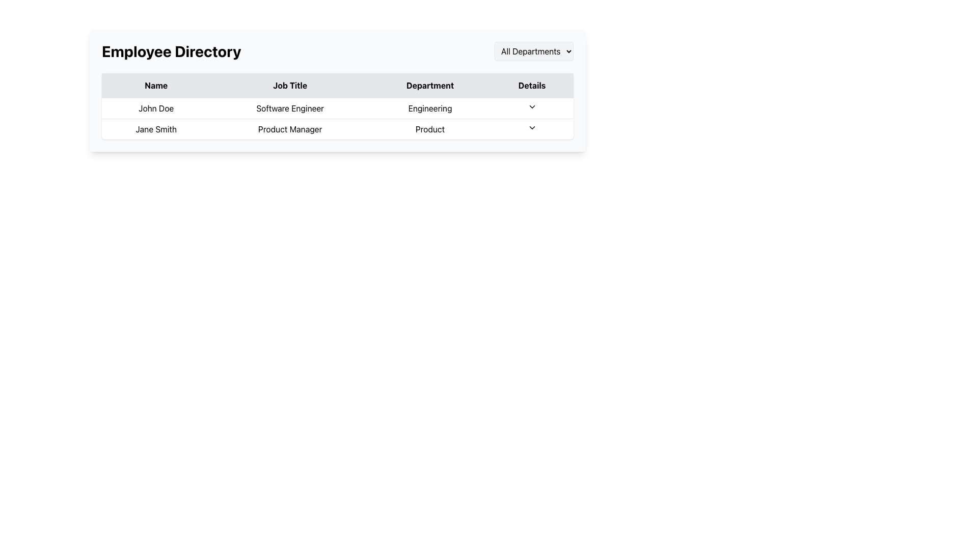 The width and height of the screenshot is (978, 550). What do you see at coordinates (337, 106) in the screenshot?
I see `the first data row in the tabular format that displays an individual's name, title, department, and additional details` at bounding box center [337, 106].